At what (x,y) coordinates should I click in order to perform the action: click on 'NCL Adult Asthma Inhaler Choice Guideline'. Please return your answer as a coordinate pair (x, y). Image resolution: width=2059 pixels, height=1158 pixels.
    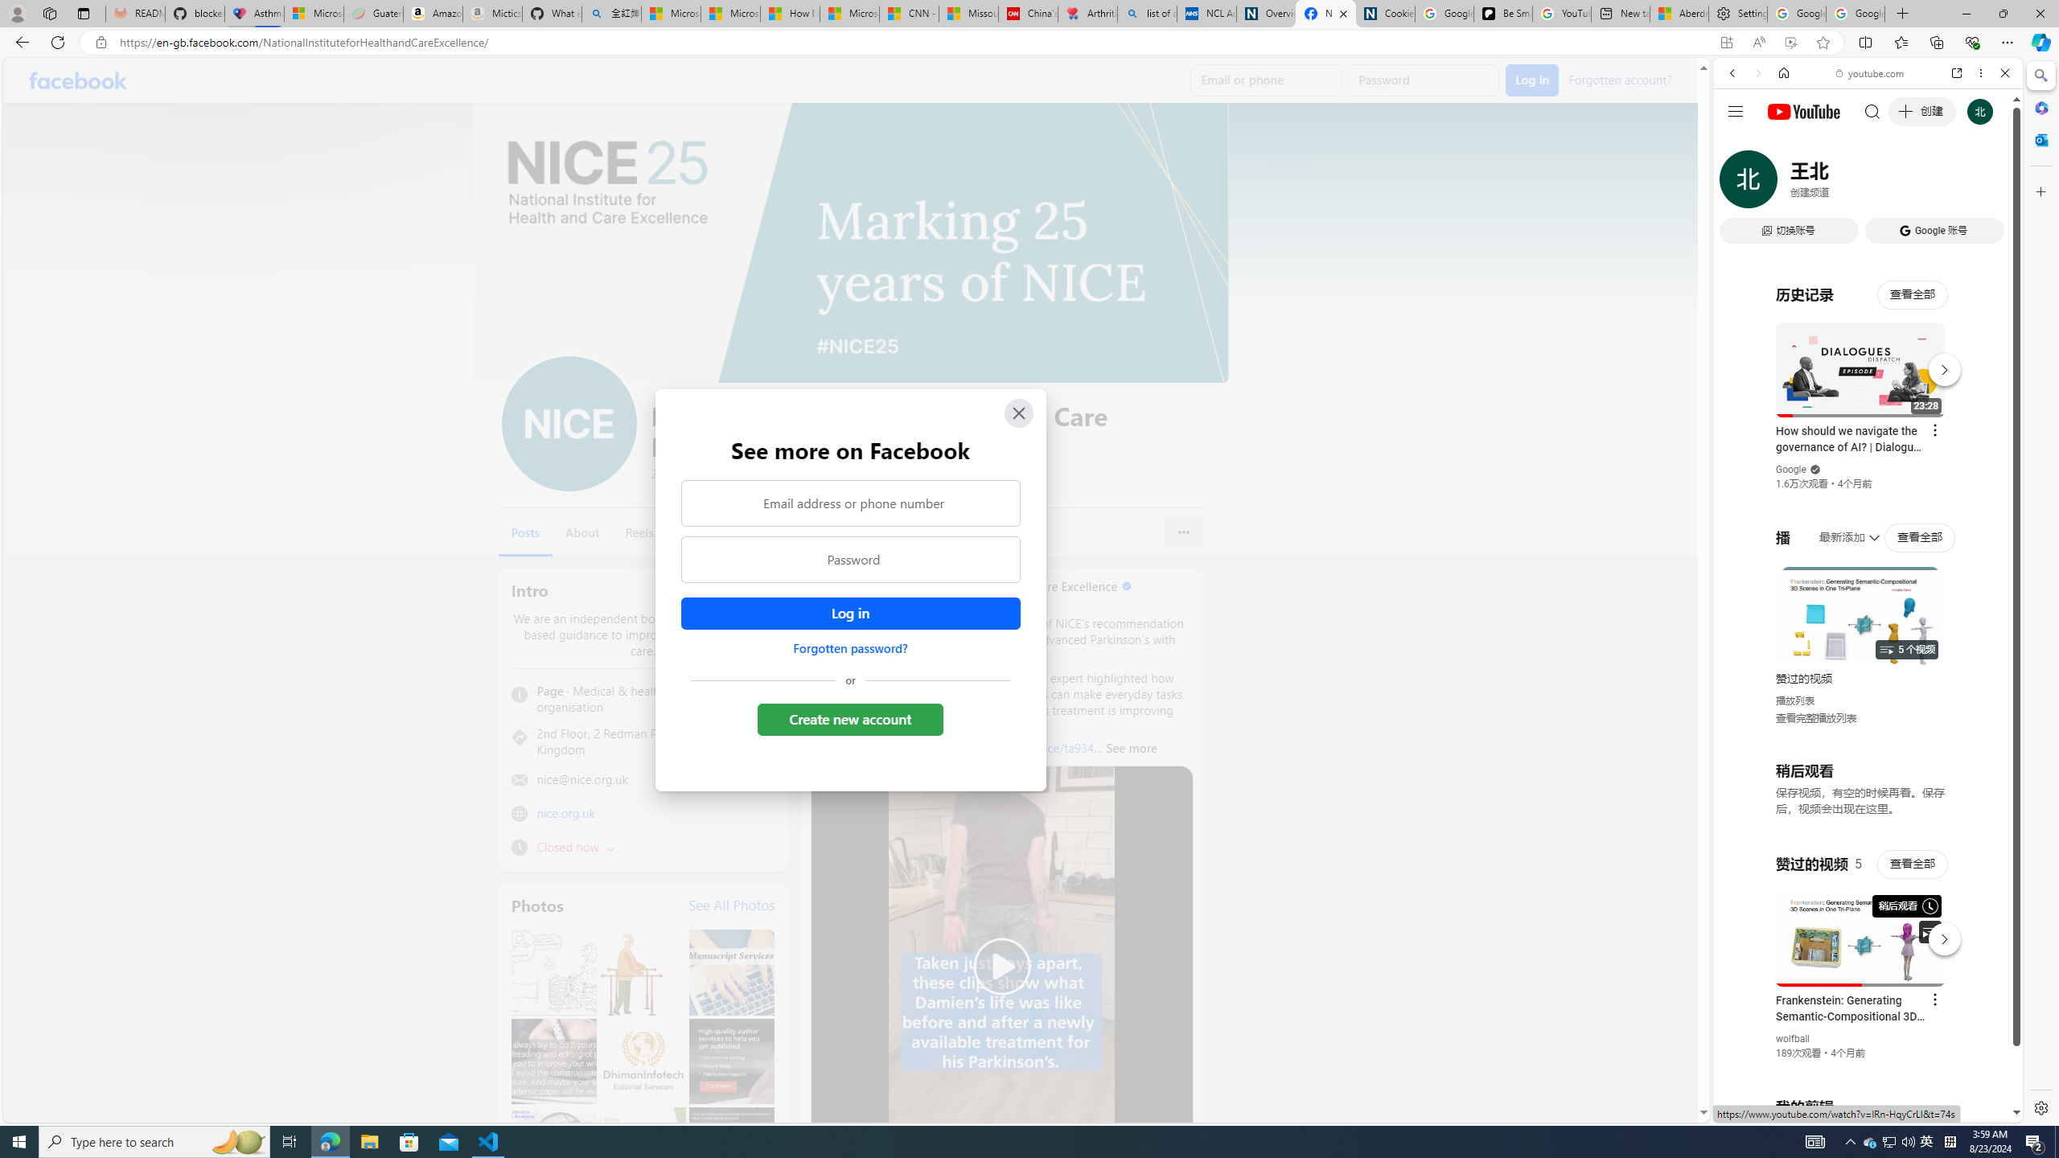
    Looking at the image, I should click on (1206, 13).